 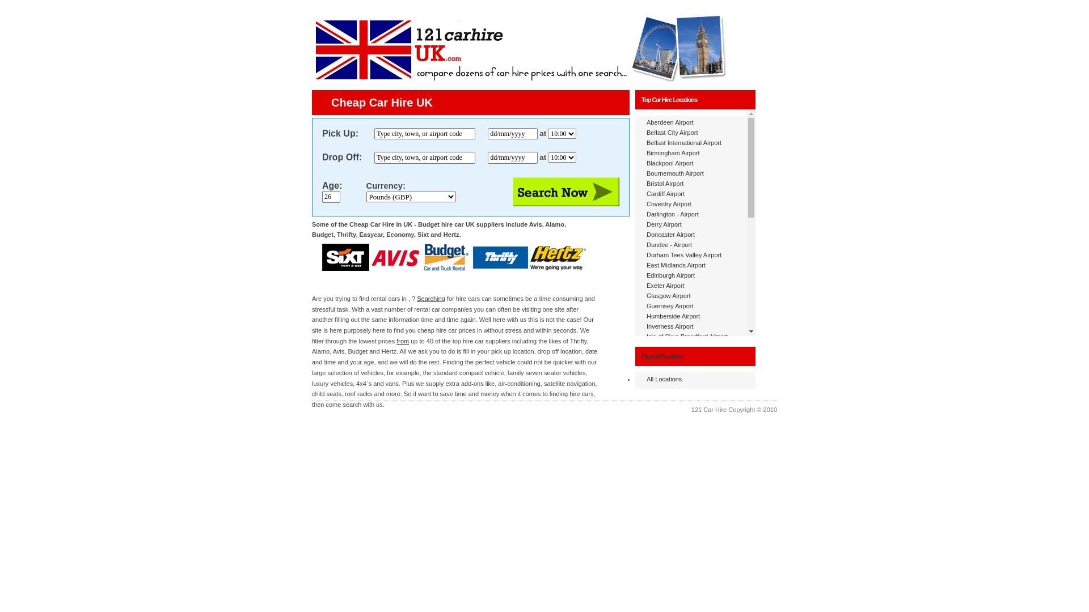 What do you see at coordinates (669, 295) in the screenshot?
I see `'Glasgow Airport'` at bounding box center [669, 295].